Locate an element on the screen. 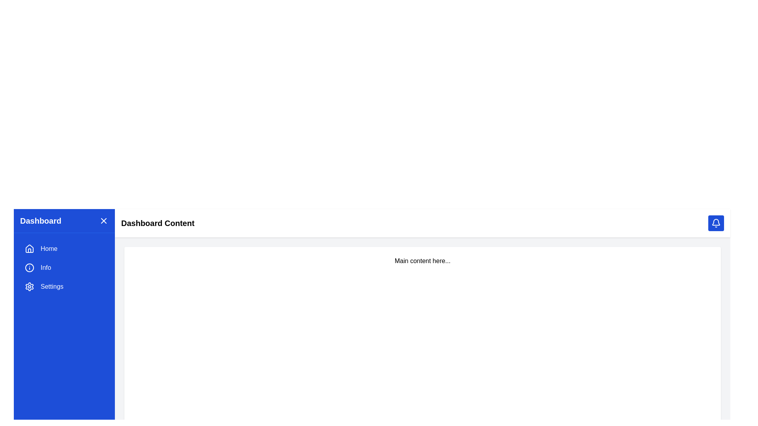  the settings icon located in the left sidebar under the 'Dashboard', 'Home', and 'Info' options, adjacent to the 'Settings' label is located at coordinates (30, 286).